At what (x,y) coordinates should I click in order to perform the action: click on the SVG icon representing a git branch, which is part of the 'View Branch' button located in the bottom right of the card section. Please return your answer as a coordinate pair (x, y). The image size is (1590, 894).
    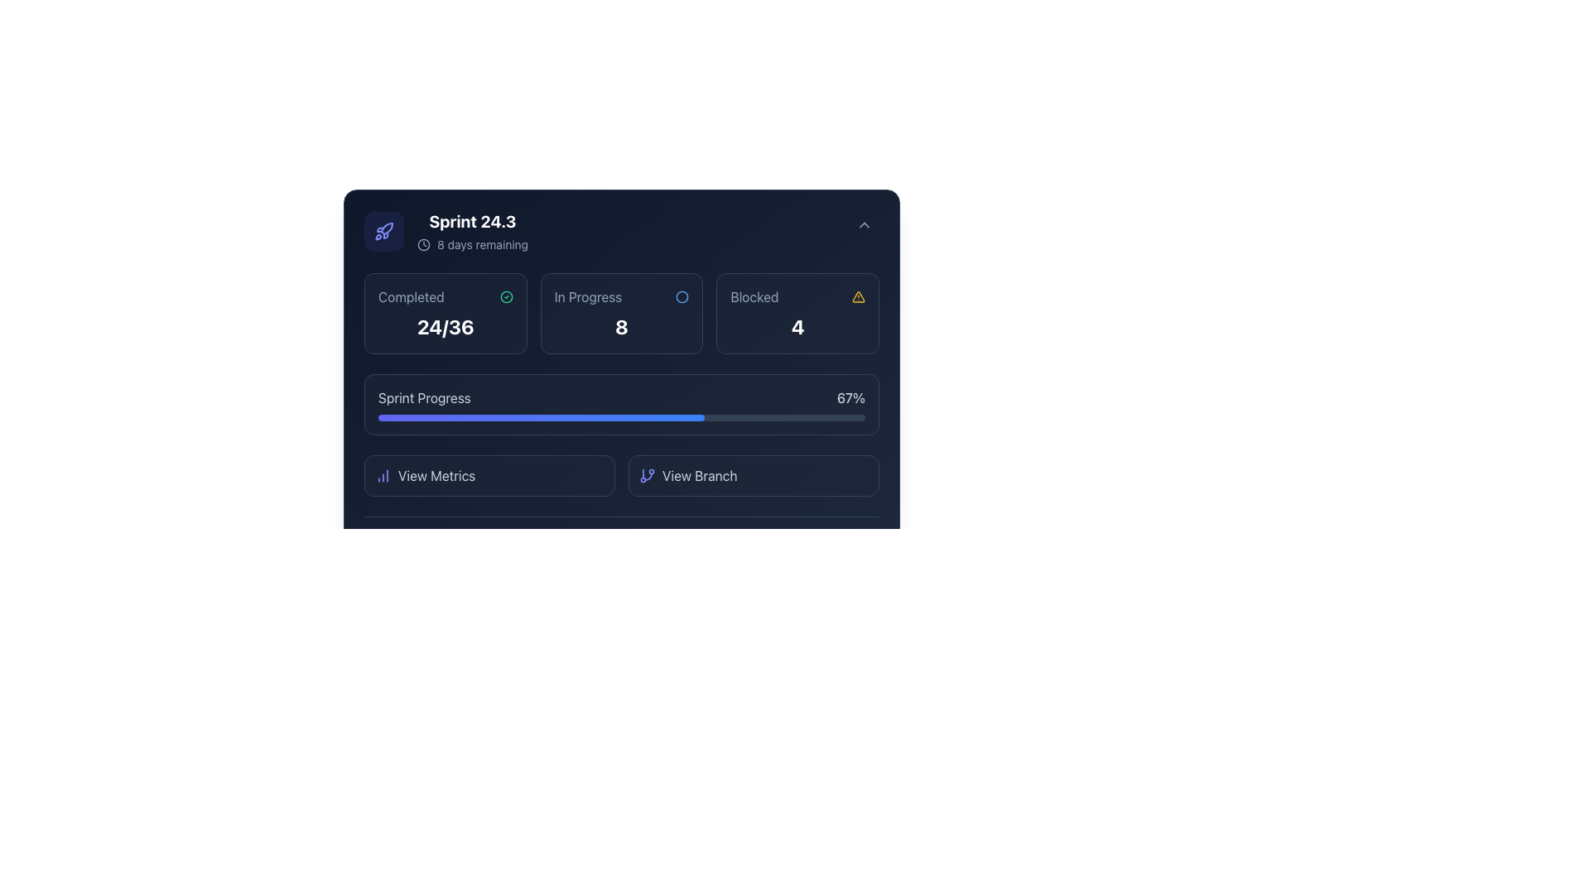
    Looking at the image, I should click on (647, 475).